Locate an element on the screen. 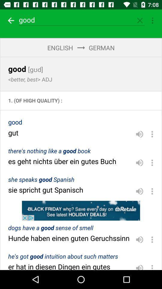 Image resolution: width=162 pixels, height=289 pixels. pick another option is located at coordinates (152, 162).